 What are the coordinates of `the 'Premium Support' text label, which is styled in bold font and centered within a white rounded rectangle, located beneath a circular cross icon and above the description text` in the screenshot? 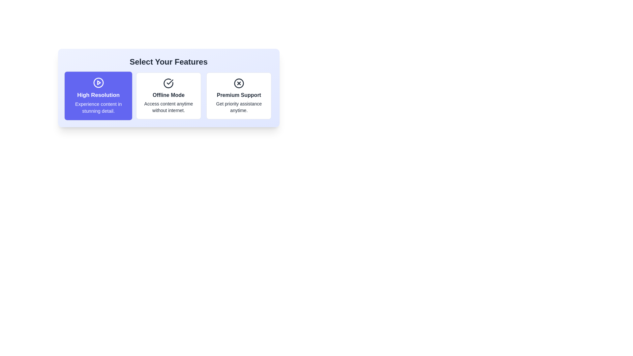 It's located at (238, 95).